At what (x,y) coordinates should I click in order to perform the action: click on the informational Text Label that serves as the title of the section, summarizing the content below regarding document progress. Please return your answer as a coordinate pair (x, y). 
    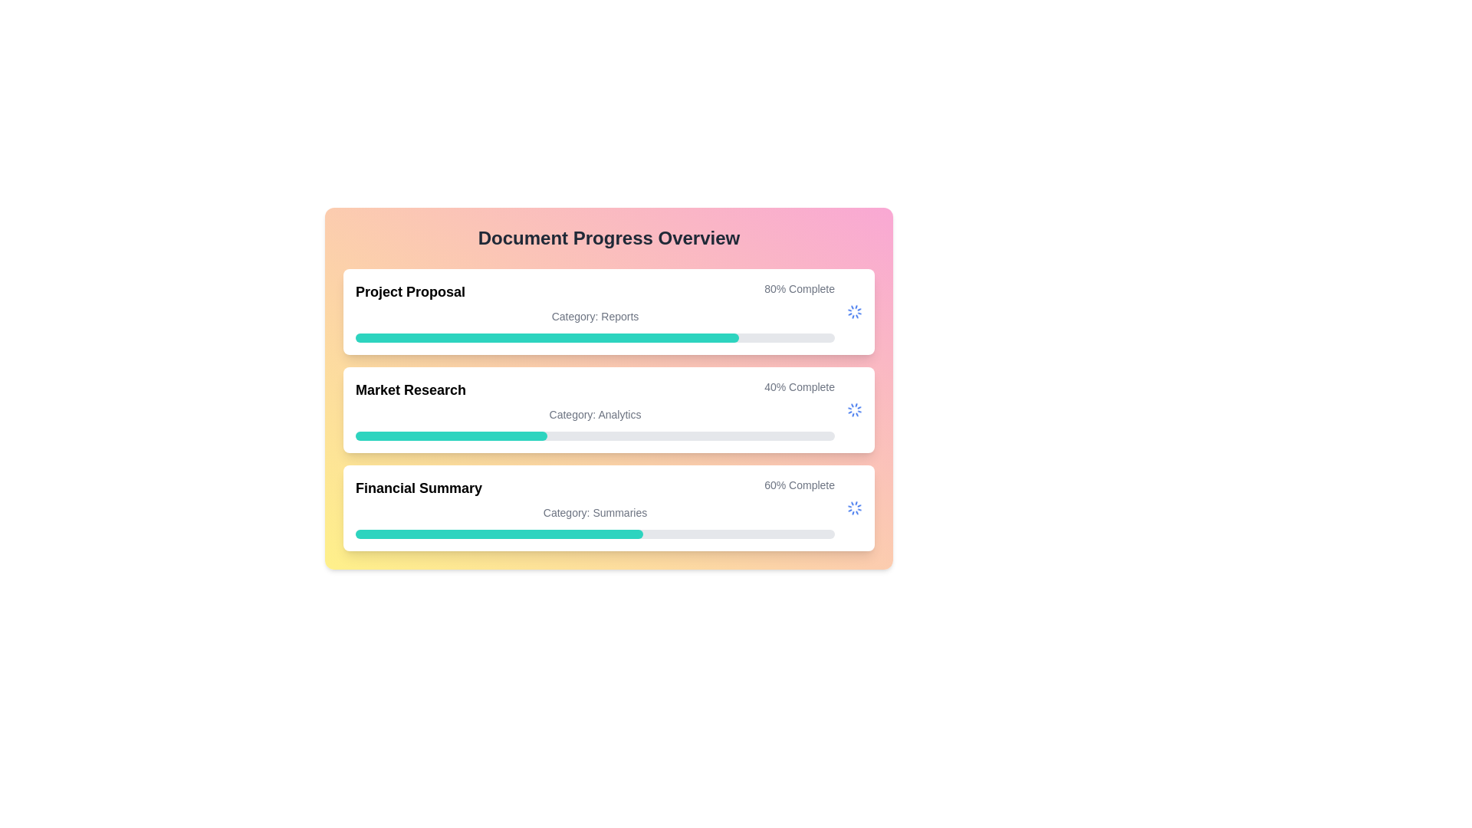
    Looking at the image, I should click on (608, 238).